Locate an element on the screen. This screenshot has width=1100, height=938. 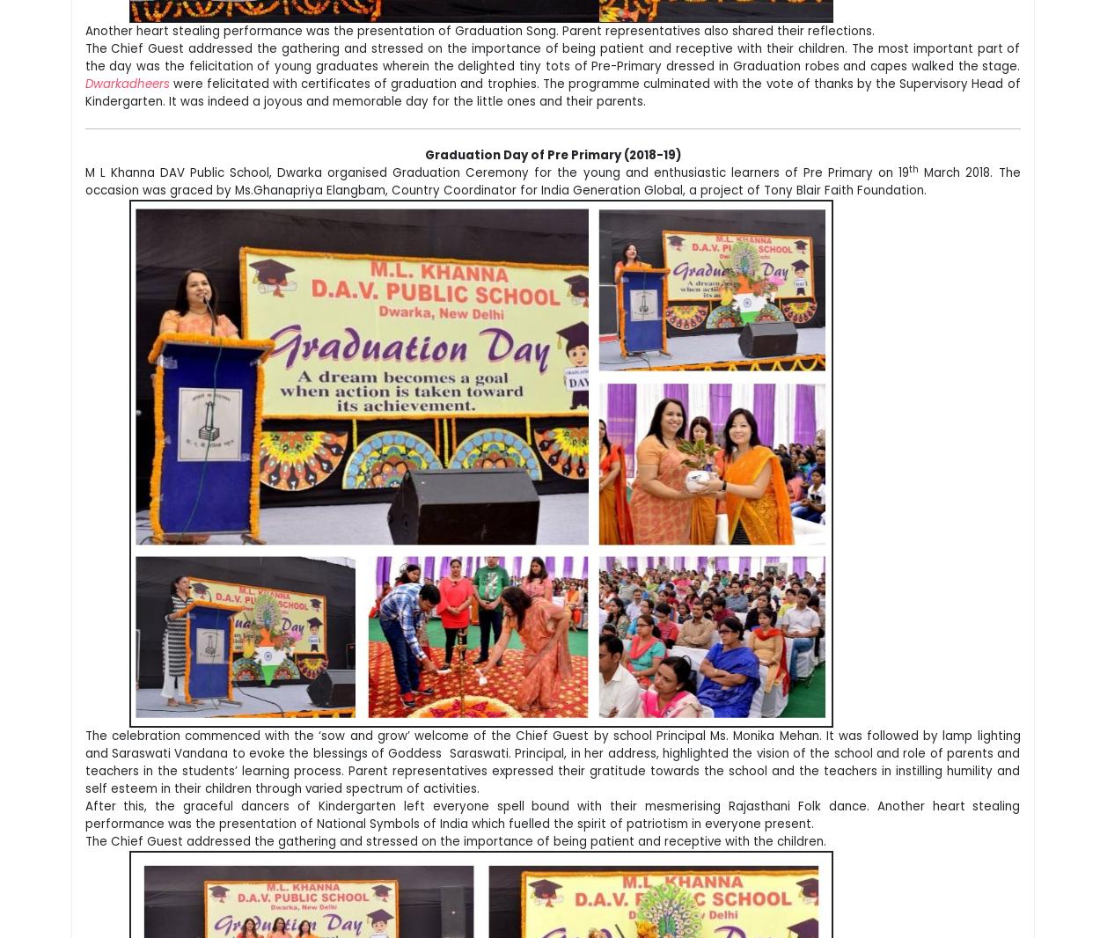
'Phone No.:011-45638246, 011-45038431' is located at coordinates (169, 681).